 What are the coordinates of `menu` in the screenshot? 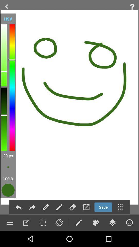 It's located at (10, 222).